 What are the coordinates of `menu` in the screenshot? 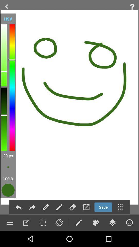 It's located at (10, 222).